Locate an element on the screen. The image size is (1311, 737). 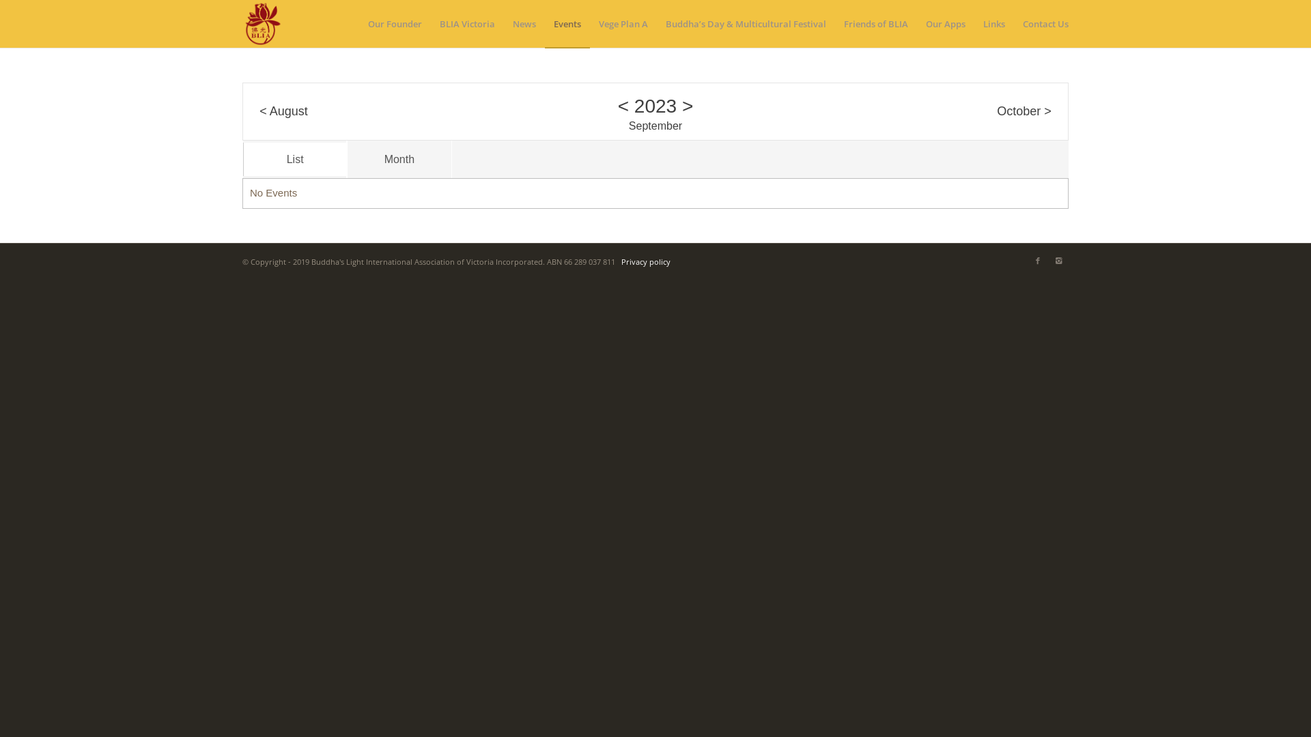
'Vege Plan A' is located at coordinates (590, 23).